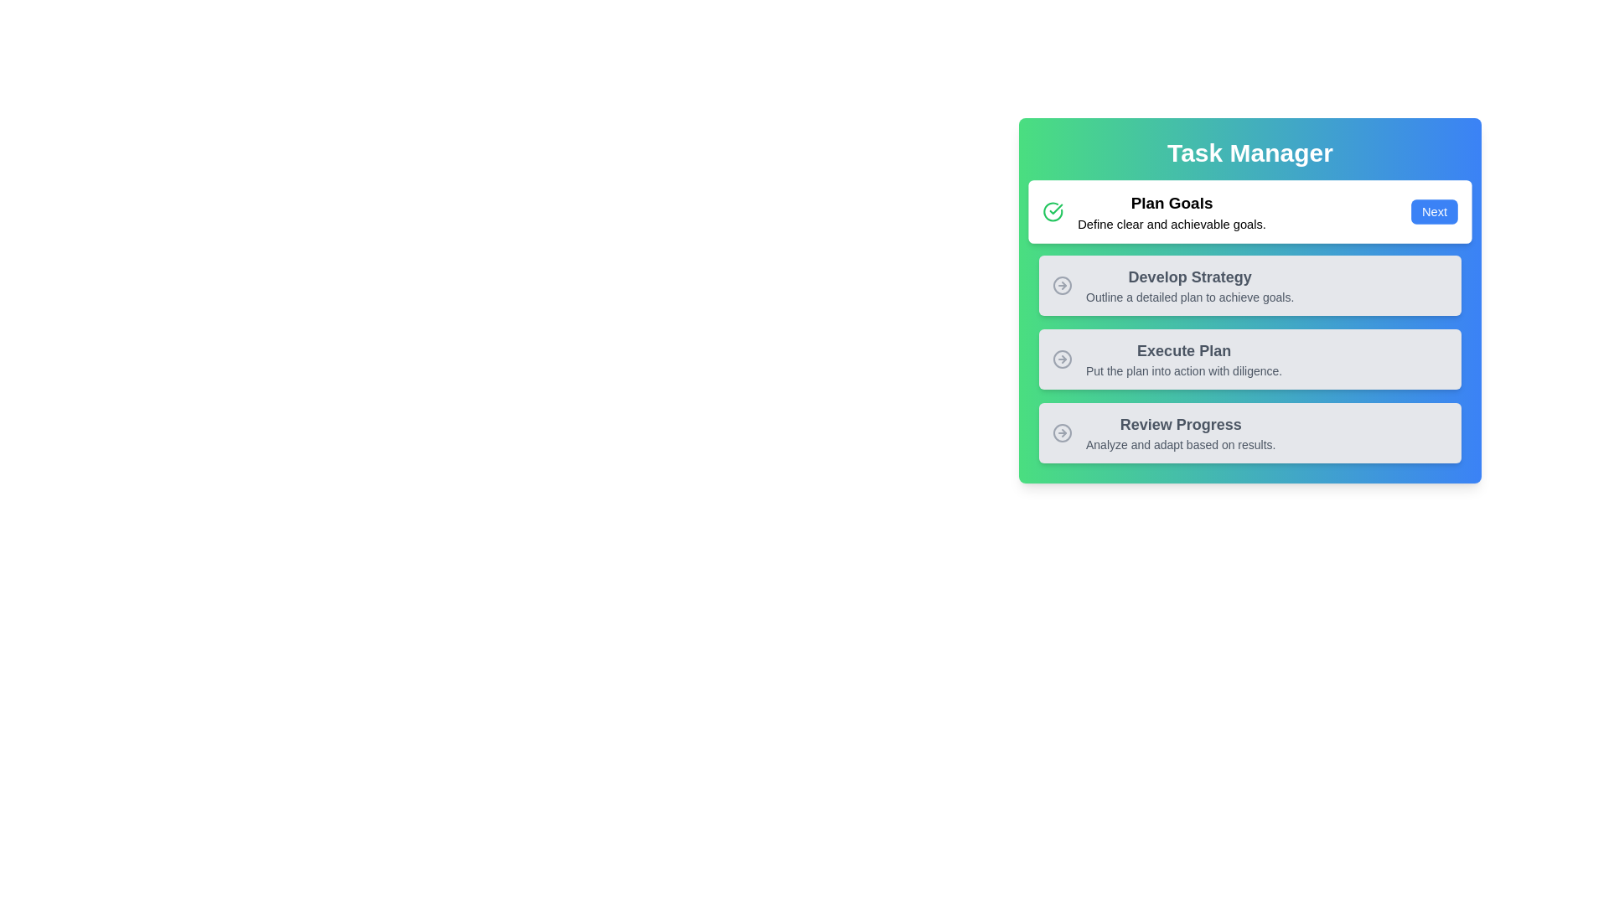  I want to click on the 'Next' button located on the rightmost side of the 'Plan Goals' row, so click(1434, 211).